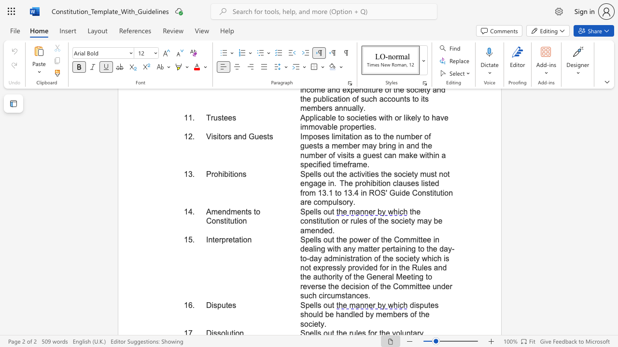  I want to click on the subset text "ing t" within the text "pertaining to", so click(405, 248).